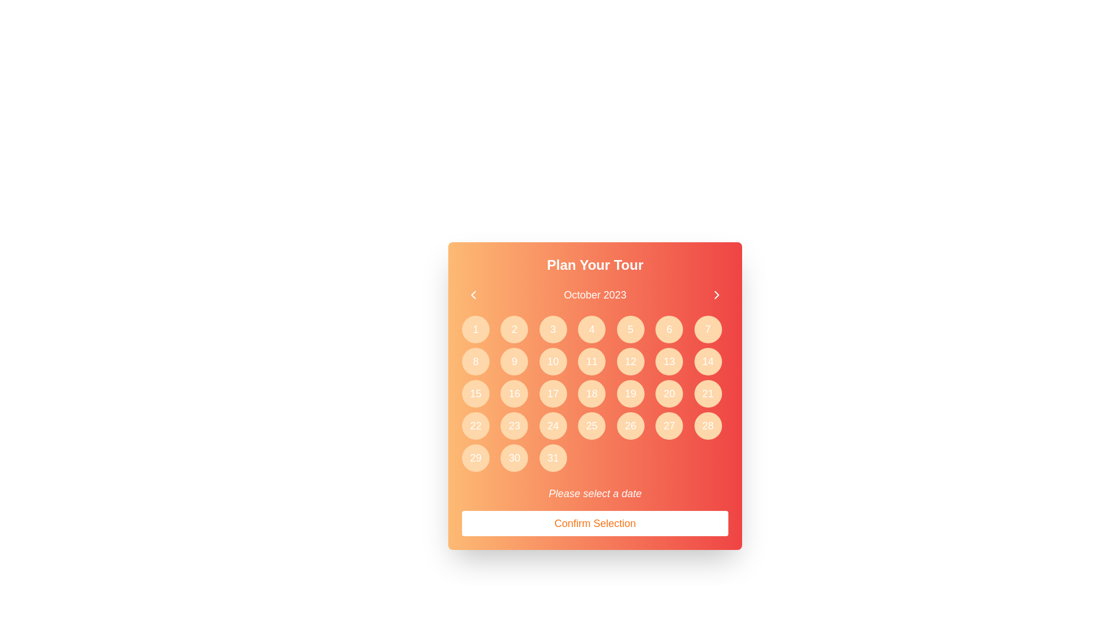 The width and height of the screenshot is (1102, 620). Describe the element at coordinates (476, 393) in the screenshot. I see `the circular button with a light orange background containing the number '15' in white text` at that location.